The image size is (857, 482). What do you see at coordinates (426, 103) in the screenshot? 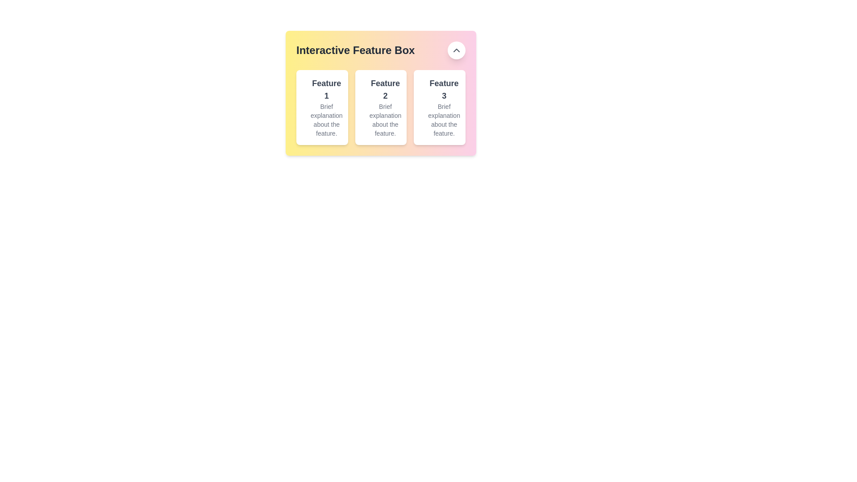
I see `the SVG circle element indicating a status or feature within the 'Feature 3' card located under the title 'Interactive Feature Box'` at bounding box center [426, 103].